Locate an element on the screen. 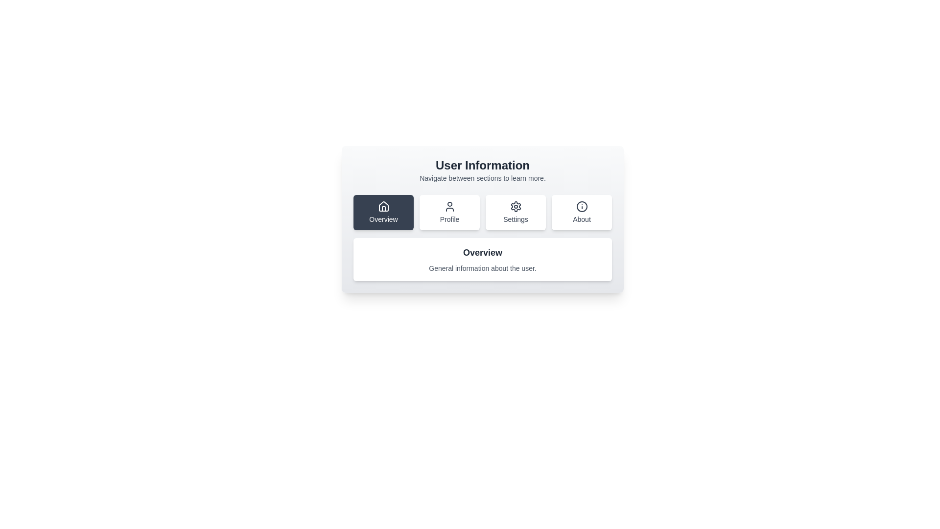  the navigation button located in the information panel is located at coordinates (482, 218).